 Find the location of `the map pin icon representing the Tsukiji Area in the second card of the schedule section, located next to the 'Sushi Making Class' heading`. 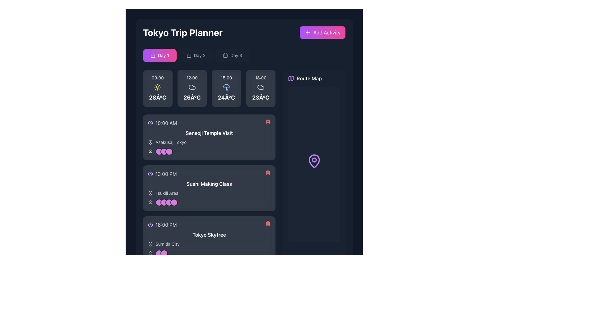

the map pin icon representing the Tsukiji Area in the second card of the schedule section, located next to the 'Sushi Making Class' heading is located at coordinates (150, 193).